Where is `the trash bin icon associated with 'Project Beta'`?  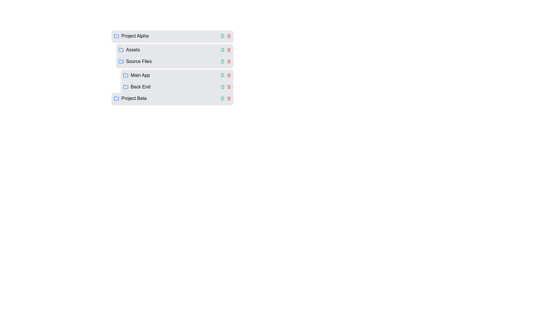
the trash bin icon associated with 'Project Beta' is located at coordinates (229, 98).